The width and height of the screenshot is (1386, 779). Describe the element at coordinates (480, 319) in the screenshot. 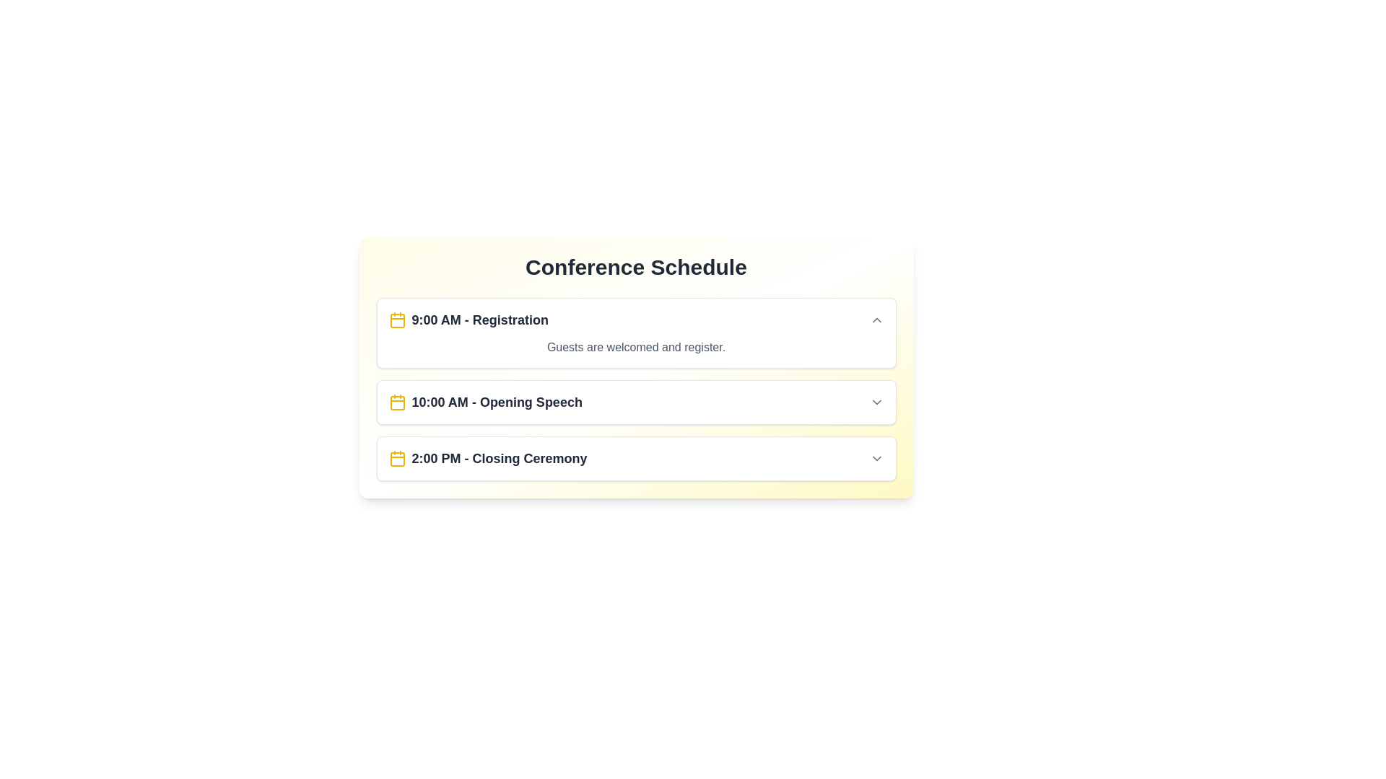

I see `text displayed in the Text Component that shows the time and title for the registration session in the first item of the conference schedule list` at that location.